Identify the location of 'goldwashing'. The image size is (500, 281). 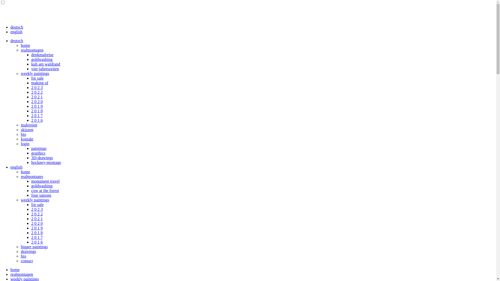
(31, 186).